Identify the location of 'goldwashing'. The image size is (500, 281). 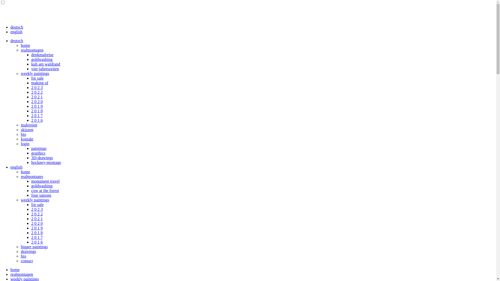
(31, 186).